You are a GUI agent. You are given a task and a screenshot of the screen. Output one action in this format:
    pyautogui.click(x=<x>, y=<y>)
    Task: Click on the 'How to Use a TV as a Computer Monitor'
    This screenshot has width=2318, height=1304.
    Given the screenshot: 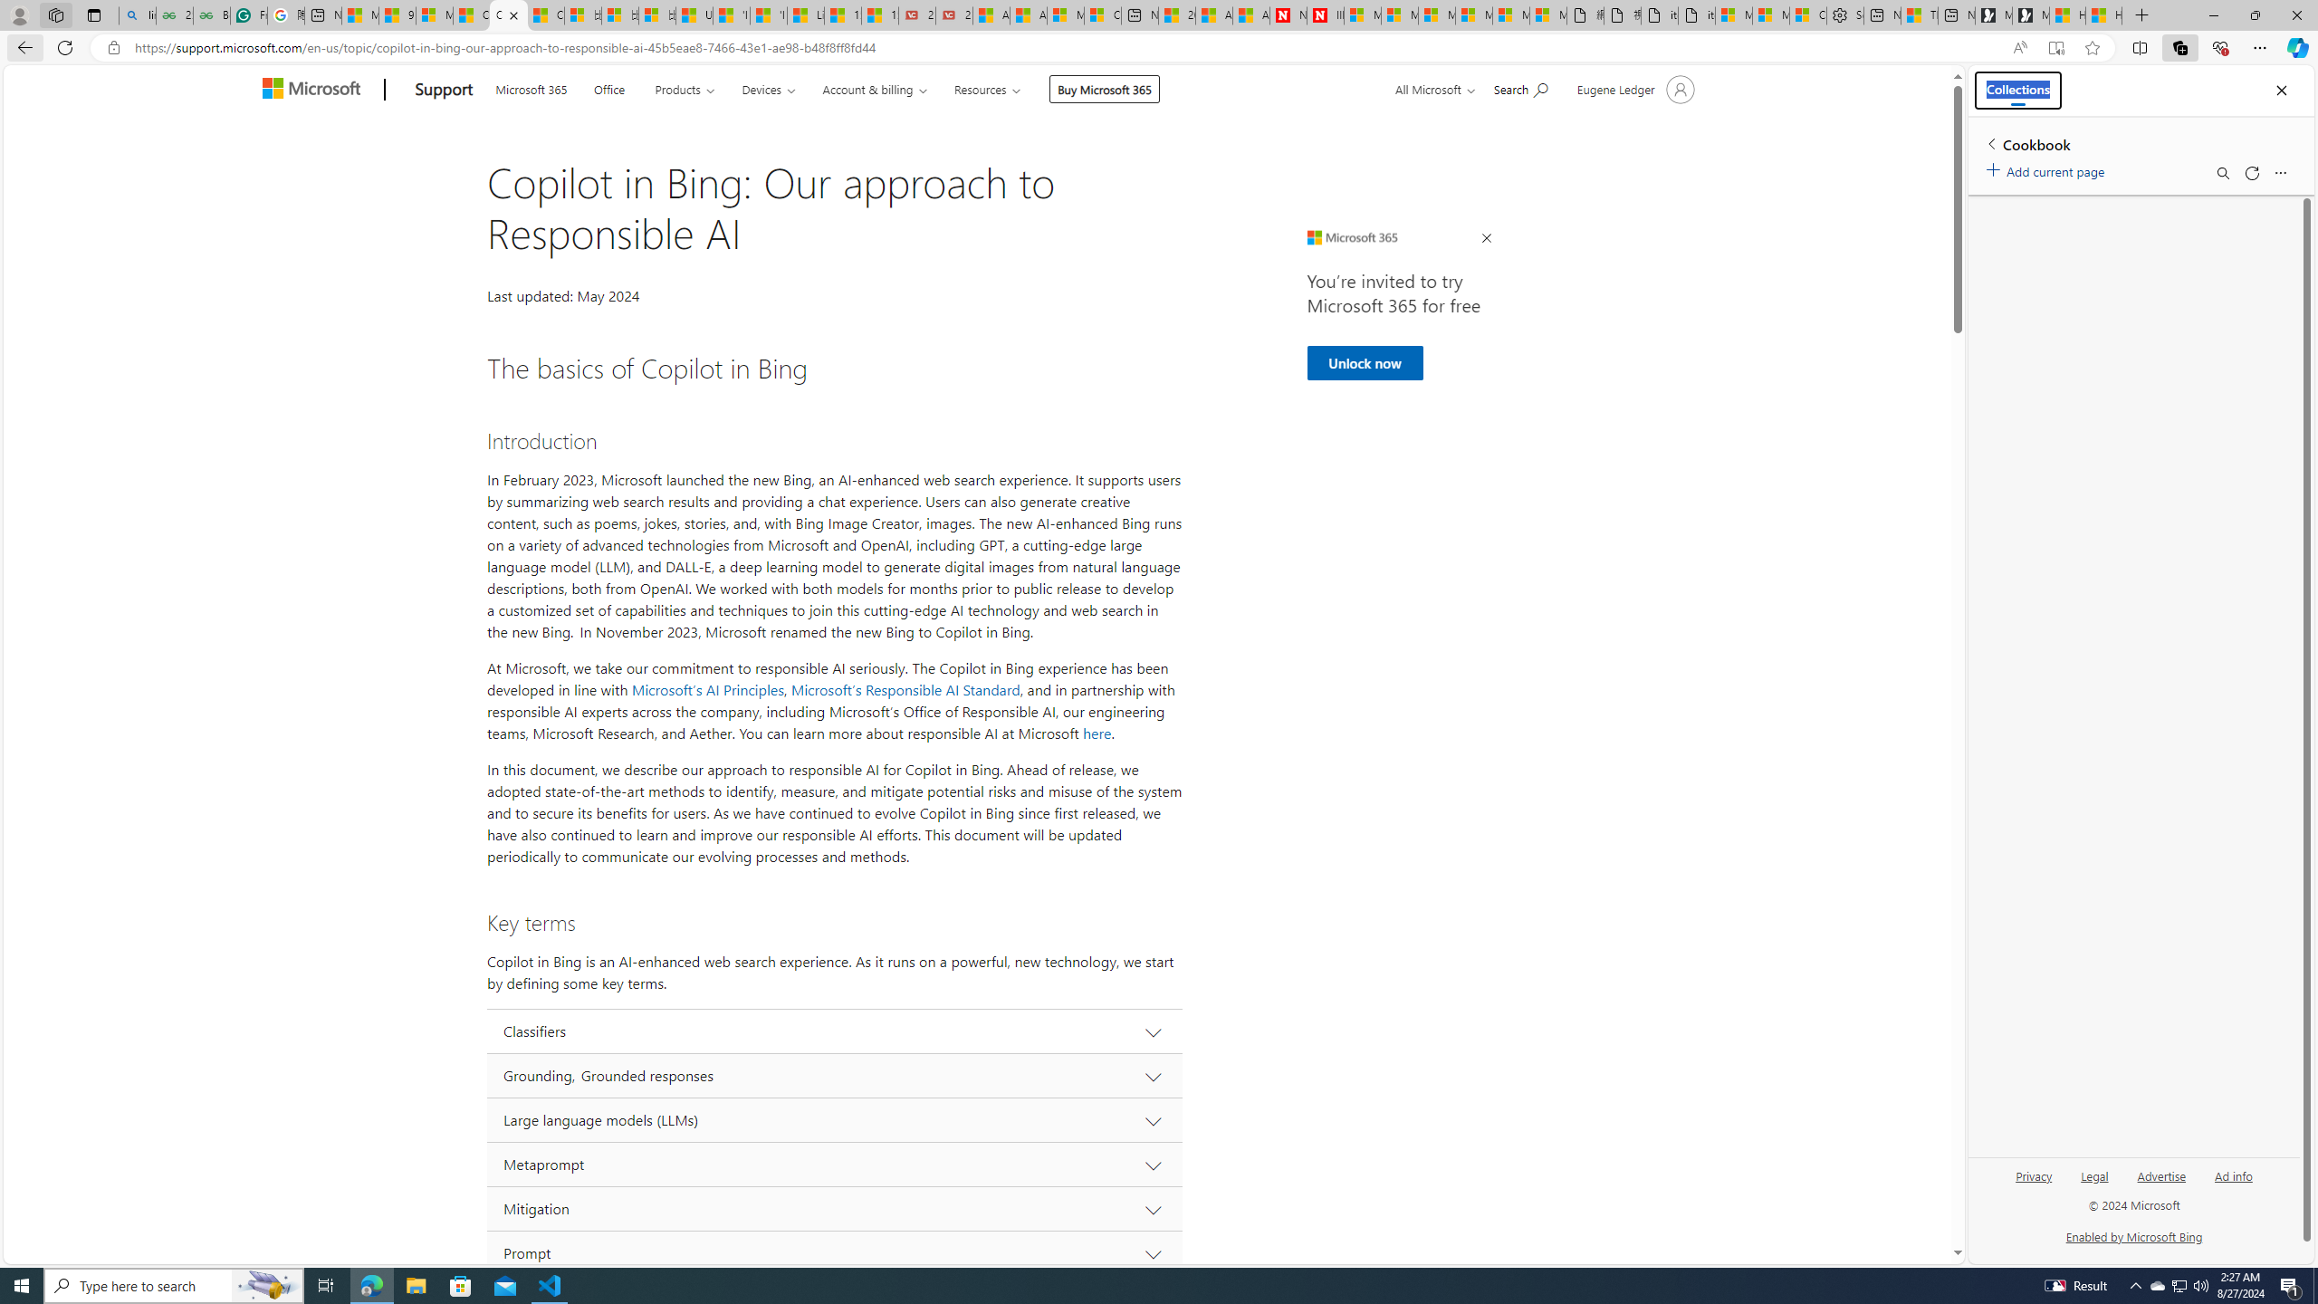 What is the action you would take?
    pyautogui.click(x=2103, y=14)
    